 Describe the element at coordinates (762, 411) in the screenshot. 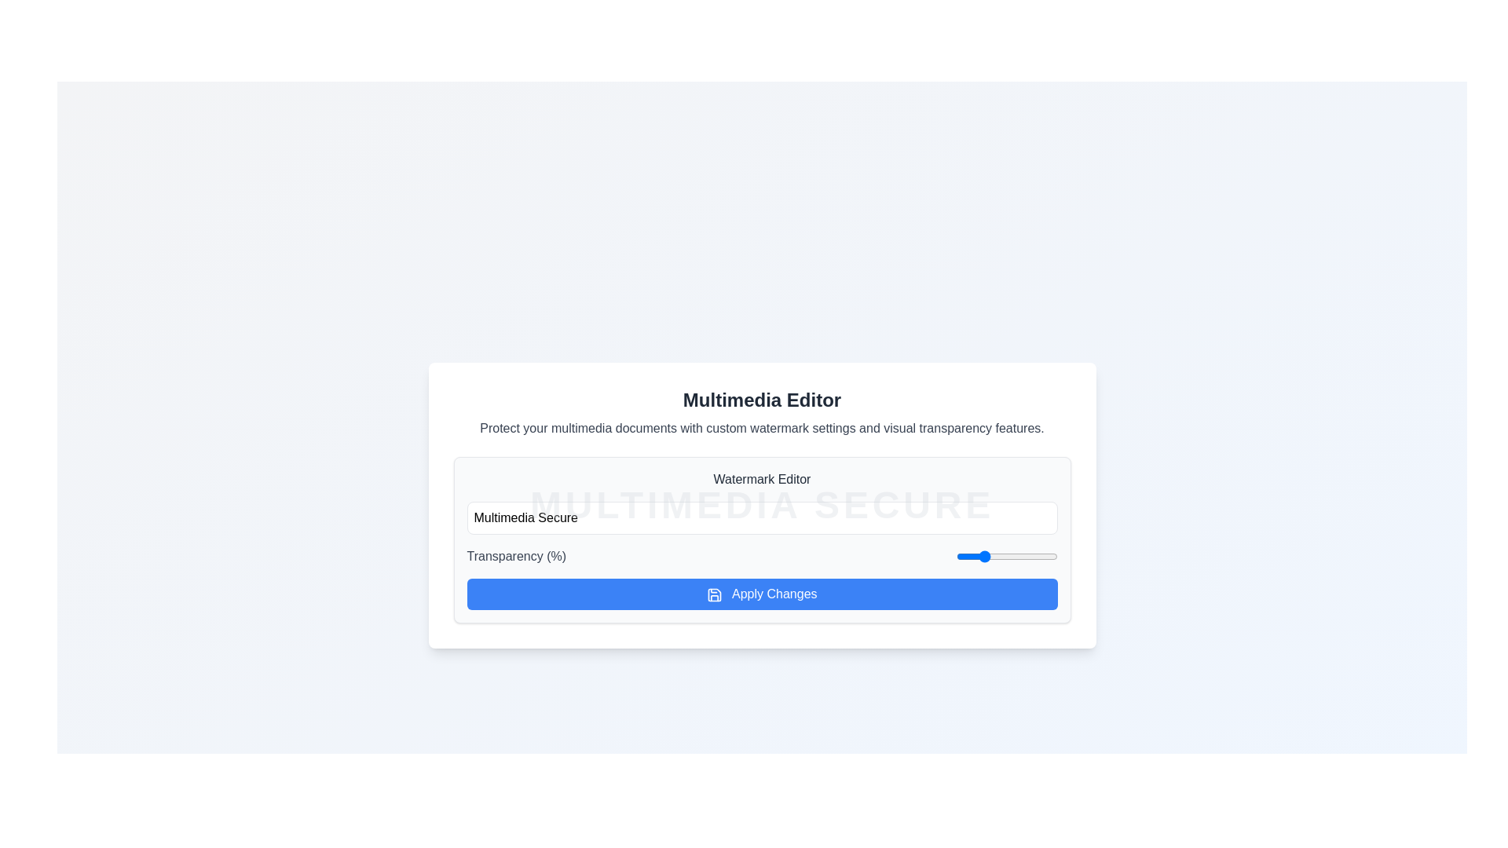

I see `the text block titled 'Multimedia Editor' which contains a subtitle about watermark settings, located at the top center of the interface` at that location.